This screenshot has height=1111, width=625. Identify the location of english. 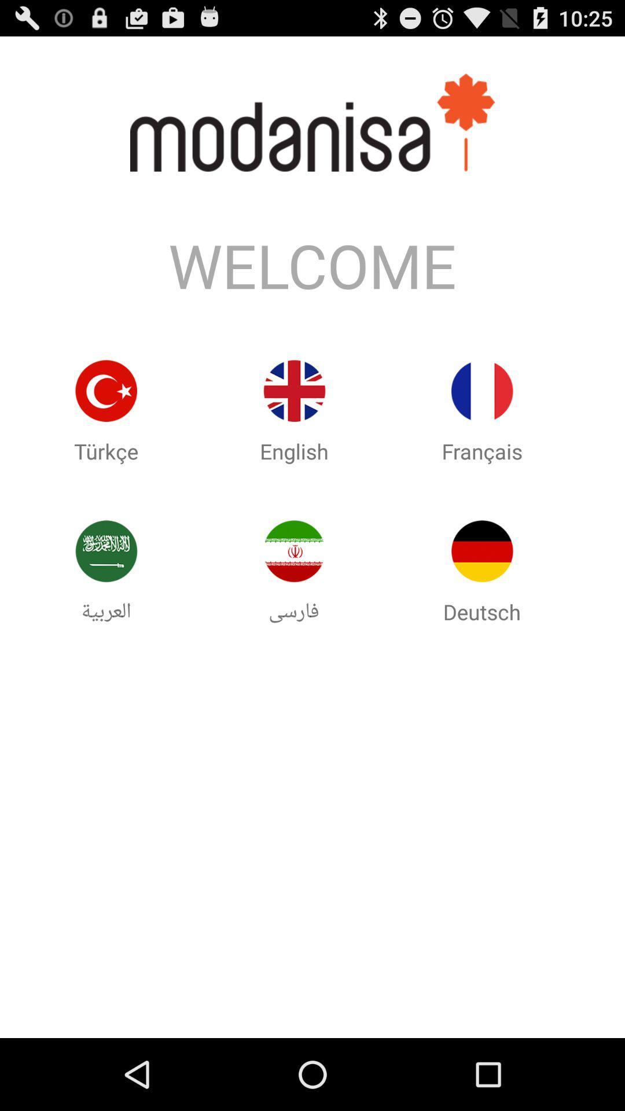
(293, 391).